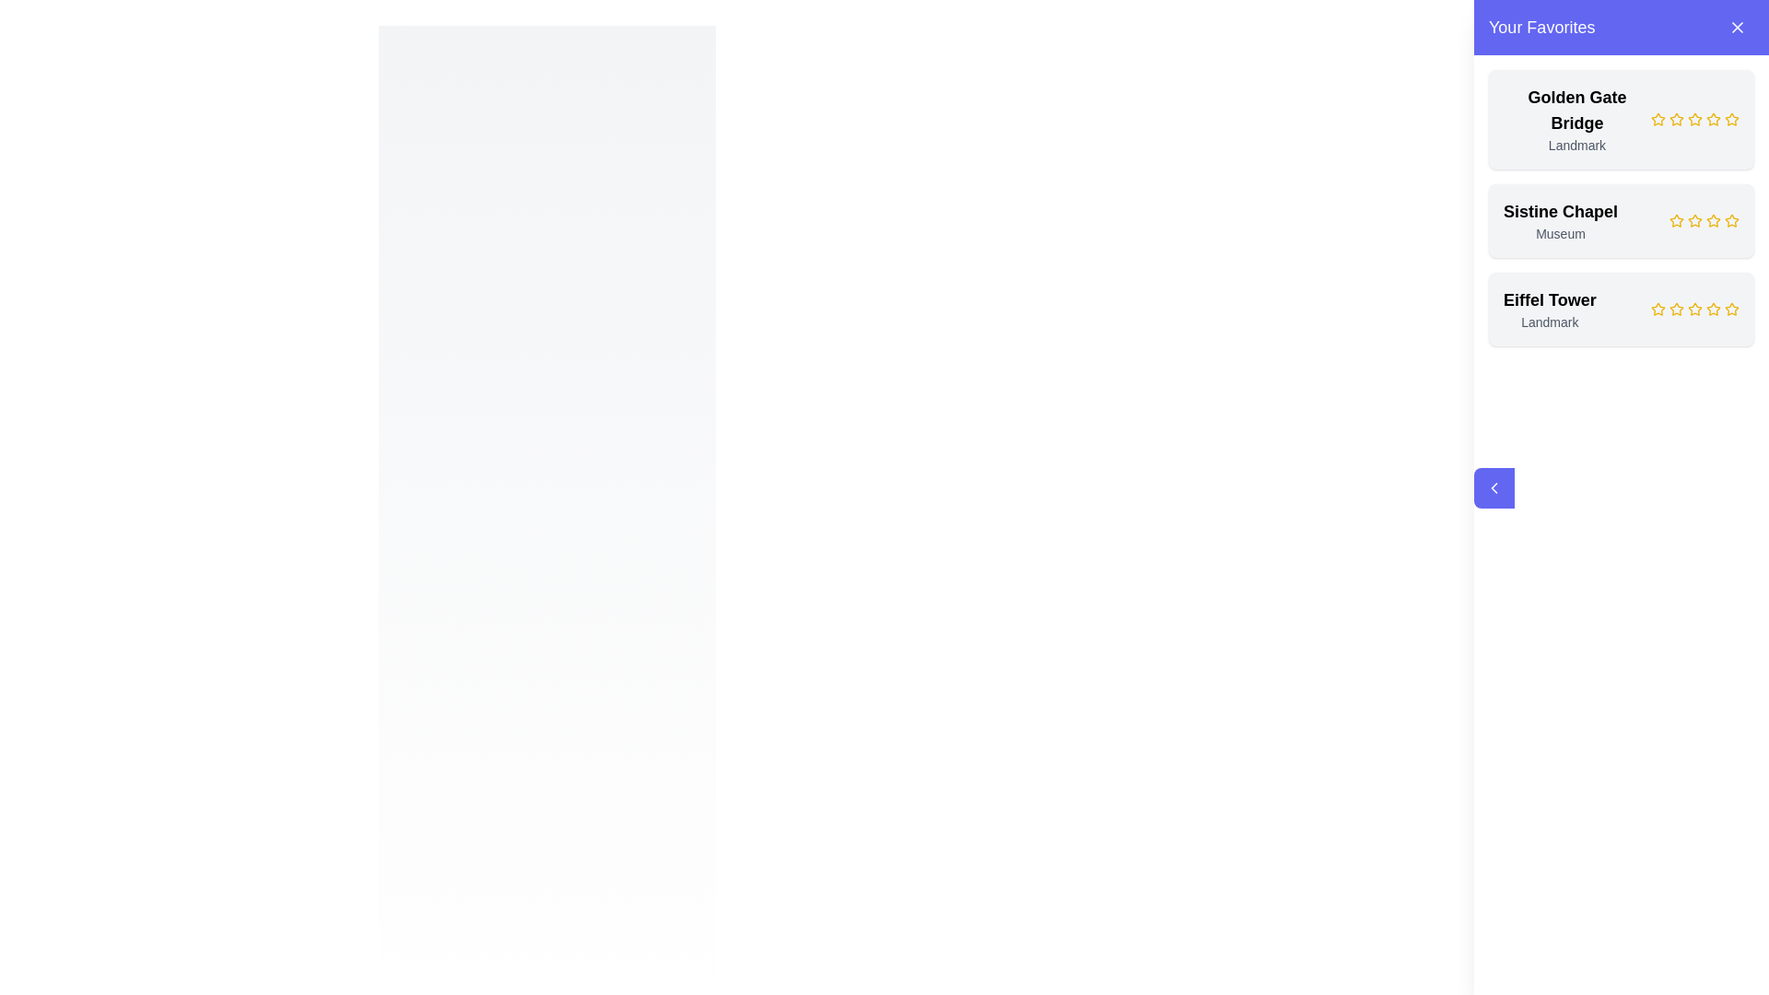 This screenshot has height=995, width=1769. Describe the element at coordinates (1676, 308) in the screenshot. I see `the third star in the star rating system for the 'Eiffel Tower' entry` at that location.